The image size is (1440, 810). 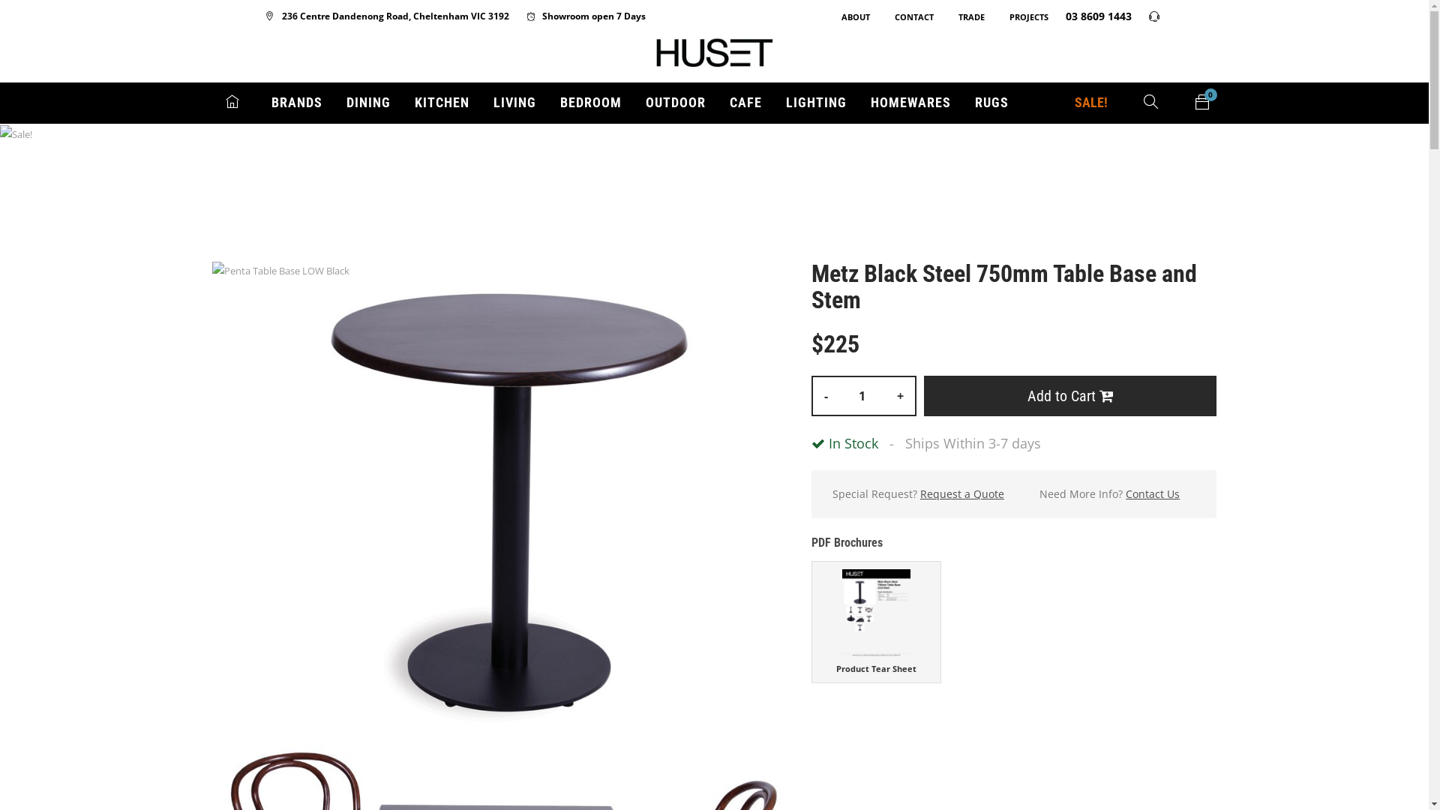 What do you see at coordinates (1151, 494) in the screenshot?
I see `'Contact Us'` at bounding box center [1151, 494].